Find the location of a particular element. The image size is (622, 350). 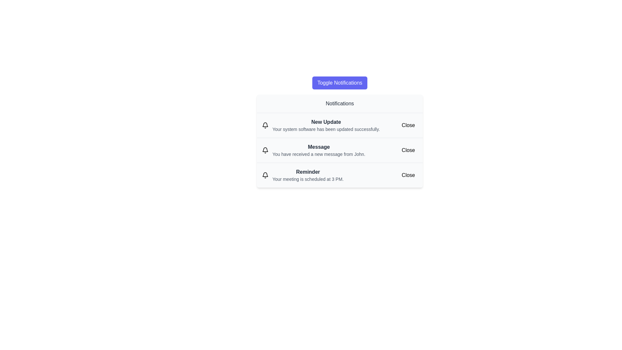

text label summarizing the notification context, which is located in the second notification card of the vertical stack in the notification panel, above the descriptive text regarding a new message from John is located at coordinates (319, 147).